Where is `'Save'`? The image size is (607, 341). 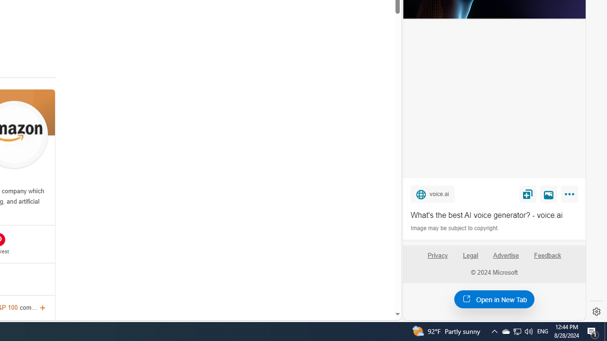 'Save' is located at coordinates (527, 193).